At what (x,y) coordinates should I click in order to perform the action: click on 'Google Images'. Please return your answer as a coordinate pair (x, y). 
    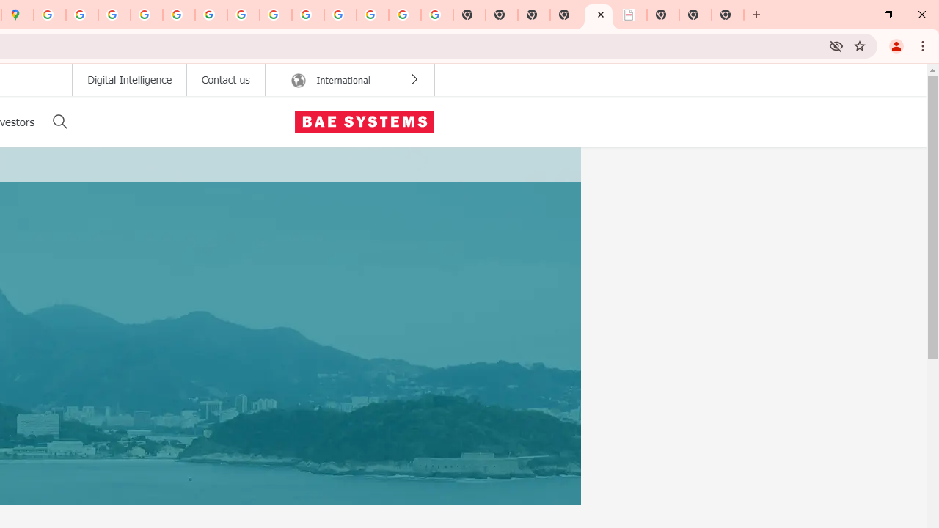
    Looking at the image, I should click on (436, 15).